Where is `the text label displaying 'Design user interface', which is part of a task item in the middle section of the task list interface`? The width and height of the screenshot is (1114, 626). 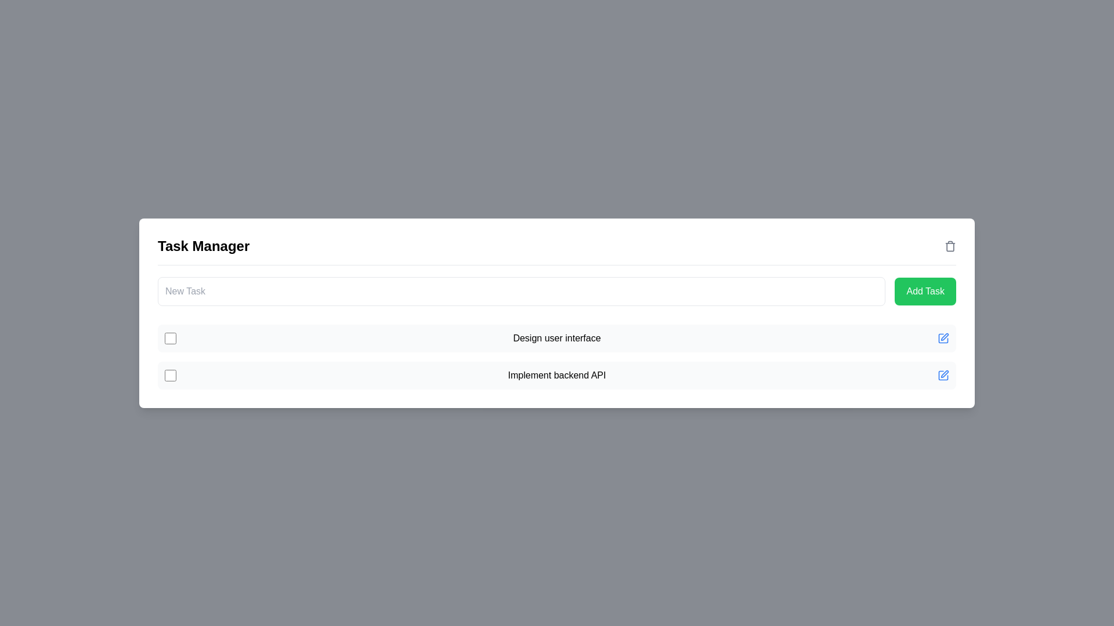
the text label displaying 'Design user interface', which is part of a task item in the middle section of the task list interface is located at coordinates (557, 338).